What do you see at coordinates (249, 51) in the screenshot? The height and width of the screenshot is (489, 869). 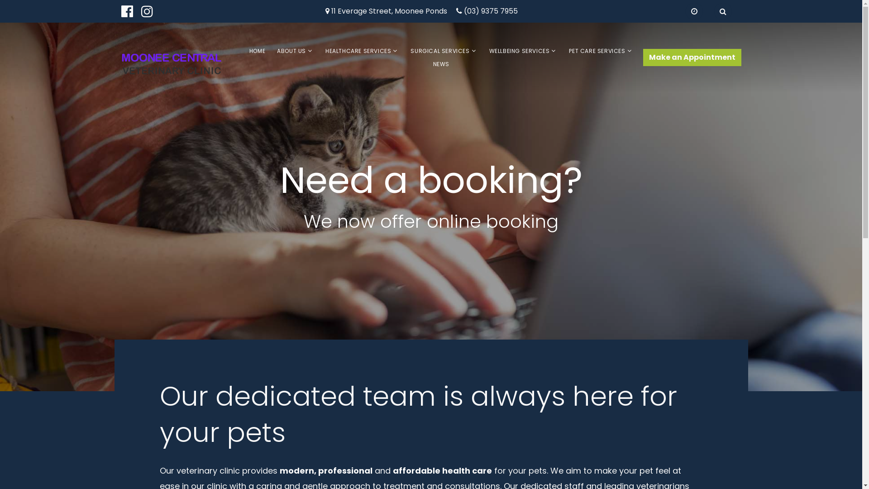 I see `'HOME'` at bounding box center [249, 51].